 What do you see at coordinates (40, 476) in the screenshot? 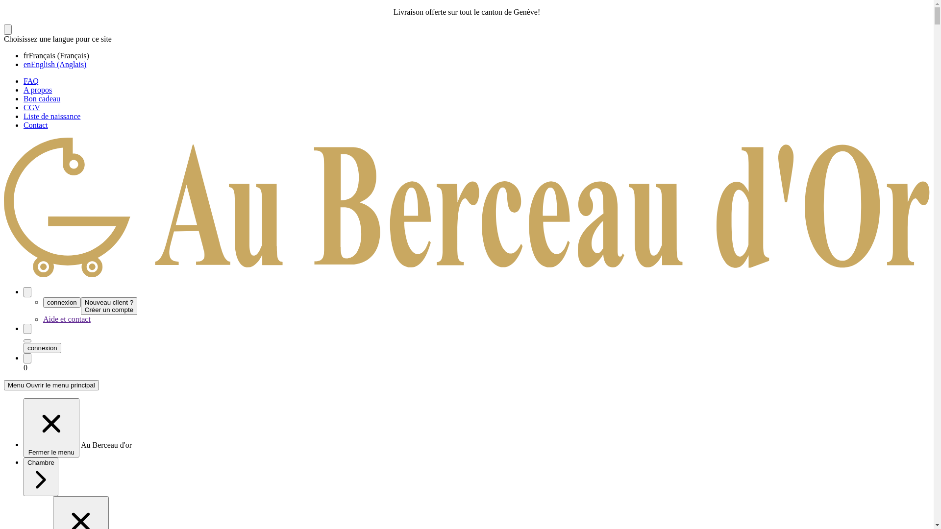
I see `'Chambre'` at bounding box center [40, 476].